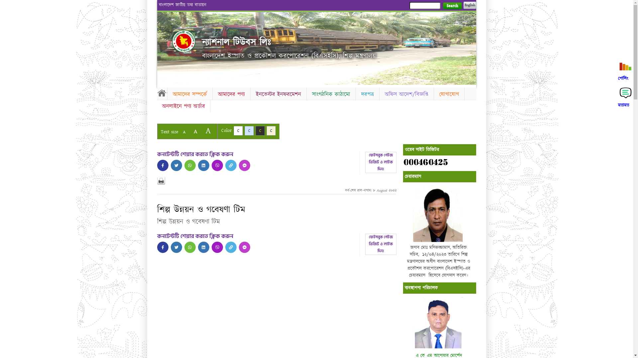 The image size is (638, 358). Describe the element at coordinates (195, 131) in the screenshot. I see `'A'` at that location.